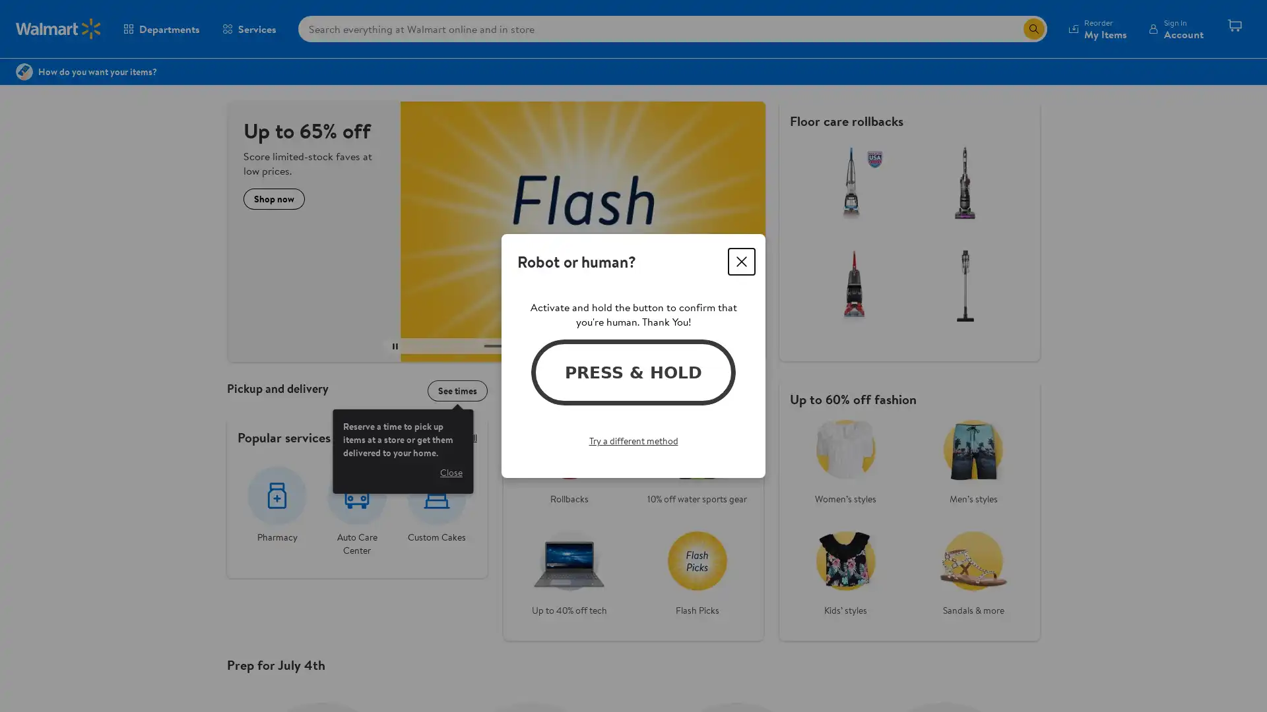  Describe the element at coordinates (395, 345) in the screenshot. I see `play` at that location.